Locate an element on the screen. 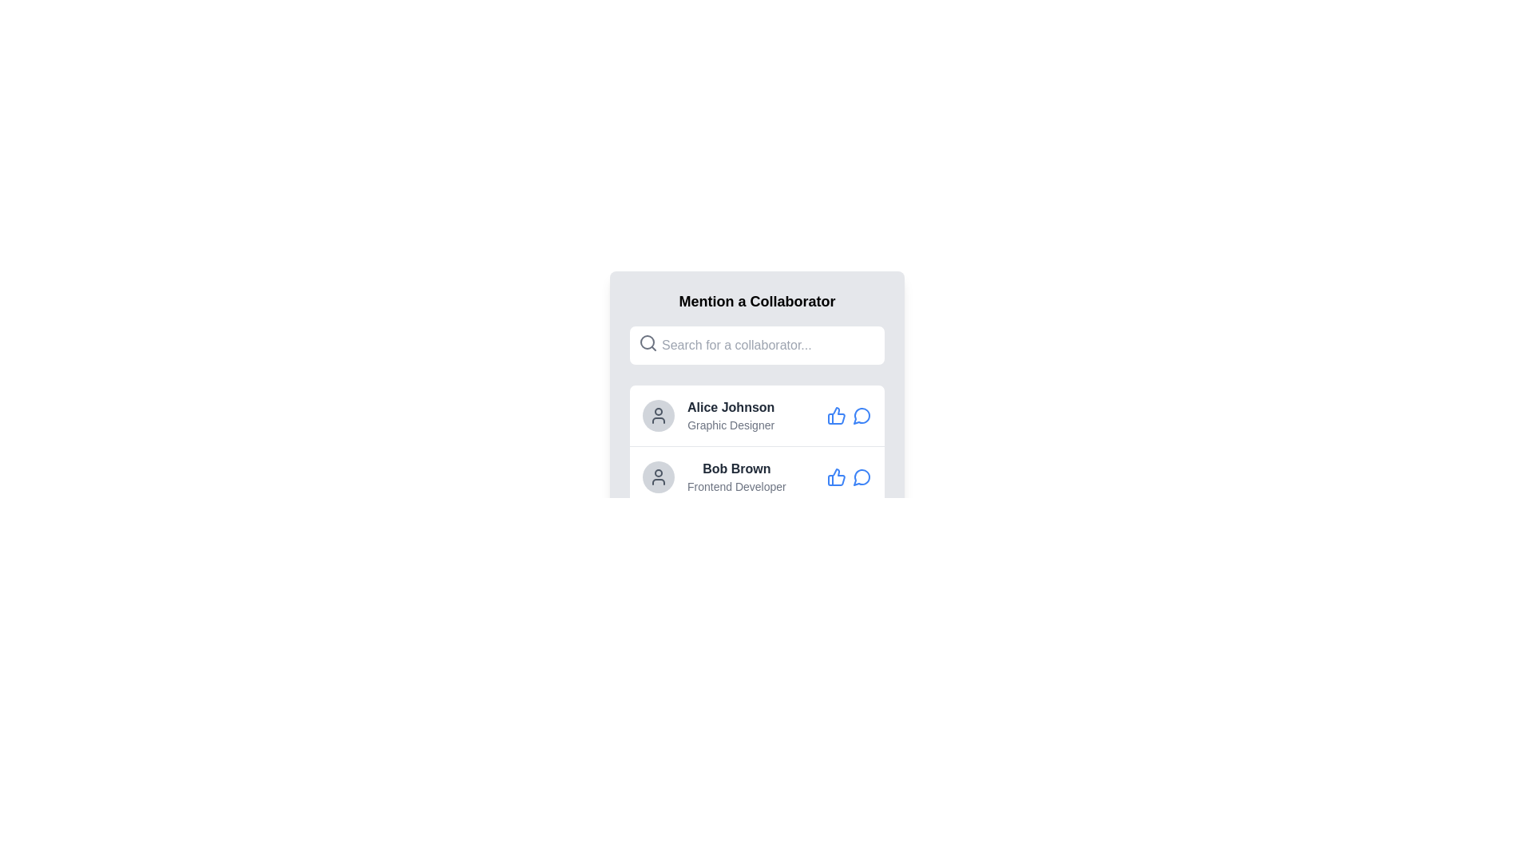  the list entry for 'Bob Brown' which displays 'Frontend Developer' below 'Alice Johnson' under the heading 'Mention a Collaborator' is located at coordinates (735, 476).